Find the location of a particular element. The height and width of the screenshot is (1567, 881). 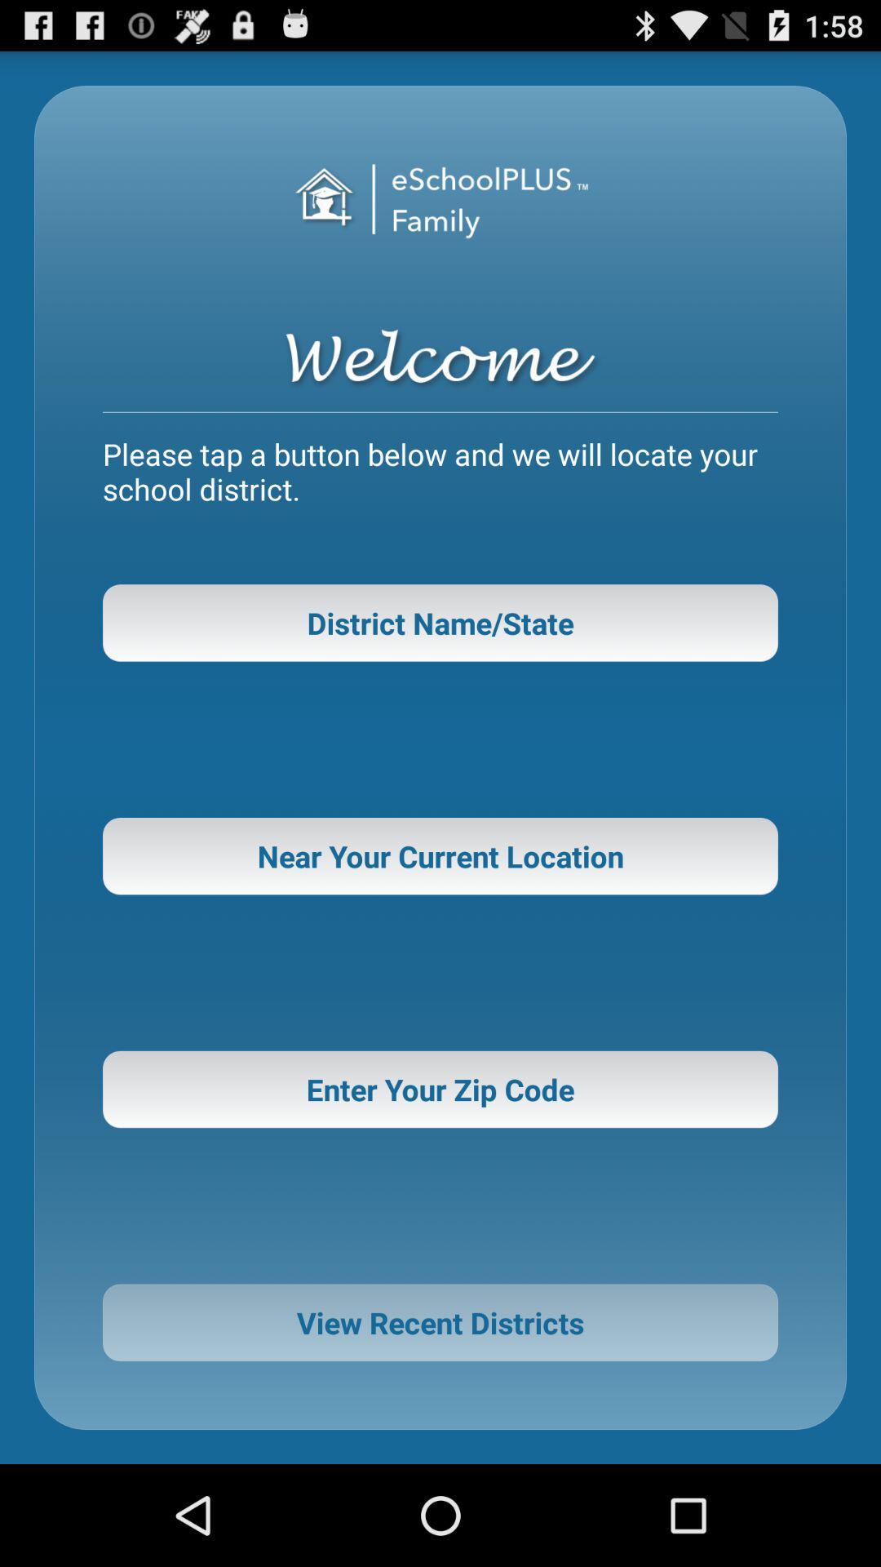

near your current is located at coordinates (440, 855).